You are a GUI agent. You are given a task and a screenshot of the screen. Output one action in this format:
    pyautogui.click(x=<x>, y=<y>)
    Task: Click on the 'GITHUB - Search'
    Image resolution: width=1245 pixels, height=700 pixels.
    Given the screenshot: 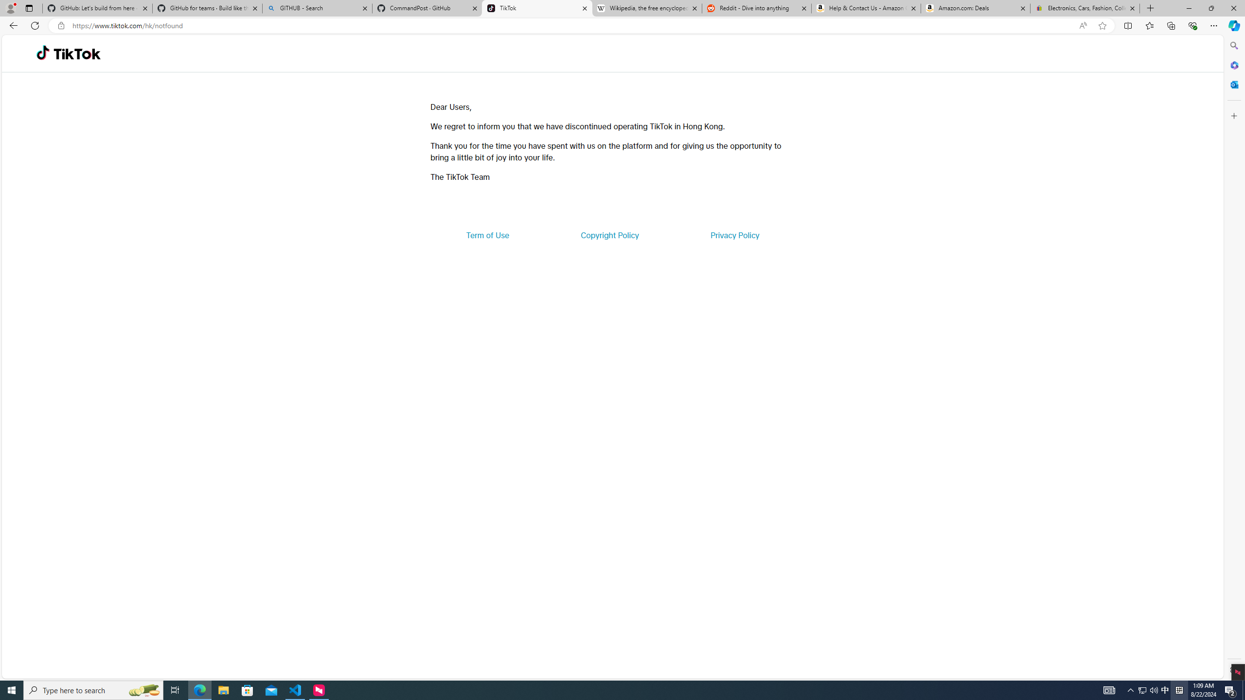 What is the action you would take?
    pyautogui.click(x=317, y=8)
    